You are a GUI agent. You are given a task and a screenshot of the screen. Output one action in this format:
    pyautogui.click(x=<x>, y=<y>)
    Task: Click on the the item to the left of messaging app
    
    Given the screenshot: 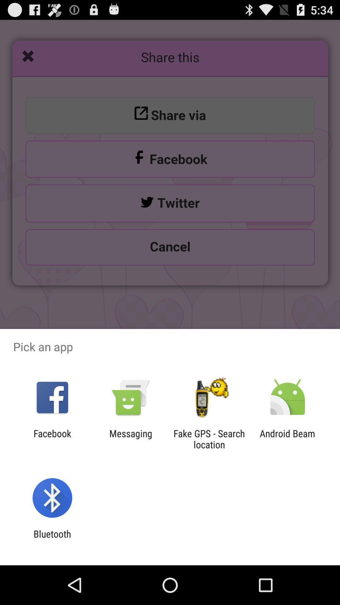 What is the action you would take?
    pyautogui.click(x=52, y=439)
    